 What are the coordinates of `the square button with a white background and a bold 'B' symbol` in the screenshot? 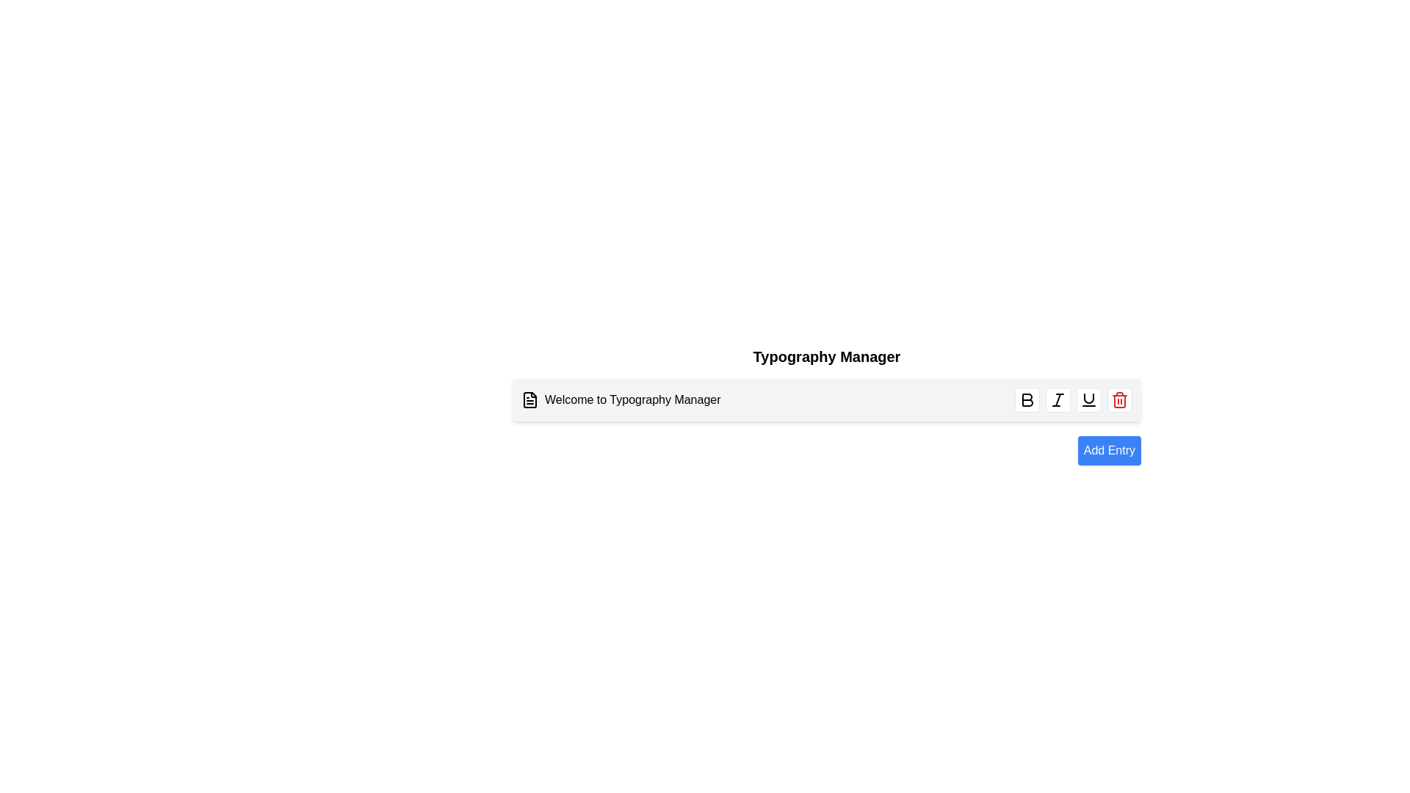 It's located at (1026, 399).